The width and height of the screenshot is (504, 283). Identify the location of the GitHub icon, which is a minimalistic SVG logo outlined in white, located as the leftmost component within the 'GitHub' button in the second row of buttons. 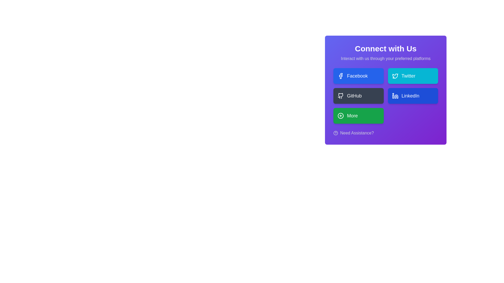
(340, 96).